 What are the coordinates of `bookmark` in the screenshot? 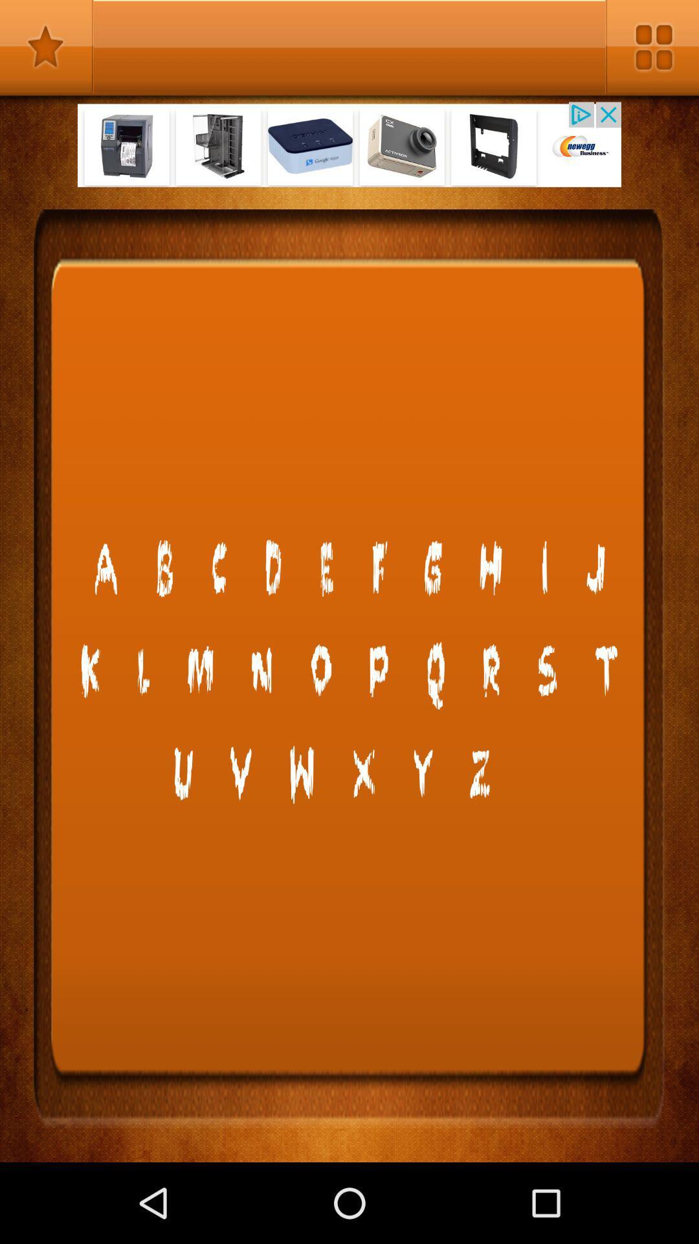 It's located at (46, 47).